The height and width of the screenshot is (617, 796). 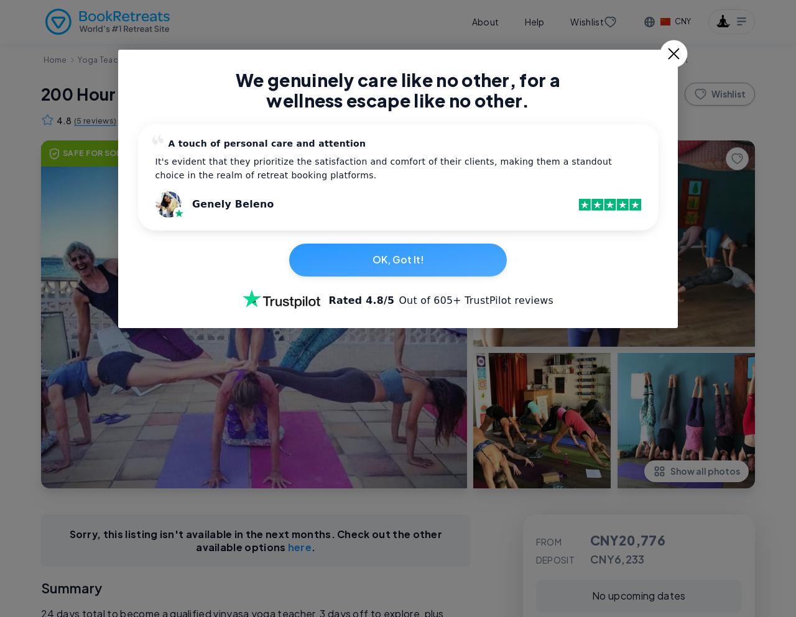 What do you see at coordinates (121, 152) in the screenshot?
I see `'Safe for Solo Travellers'` at bounding box center [121, 152].